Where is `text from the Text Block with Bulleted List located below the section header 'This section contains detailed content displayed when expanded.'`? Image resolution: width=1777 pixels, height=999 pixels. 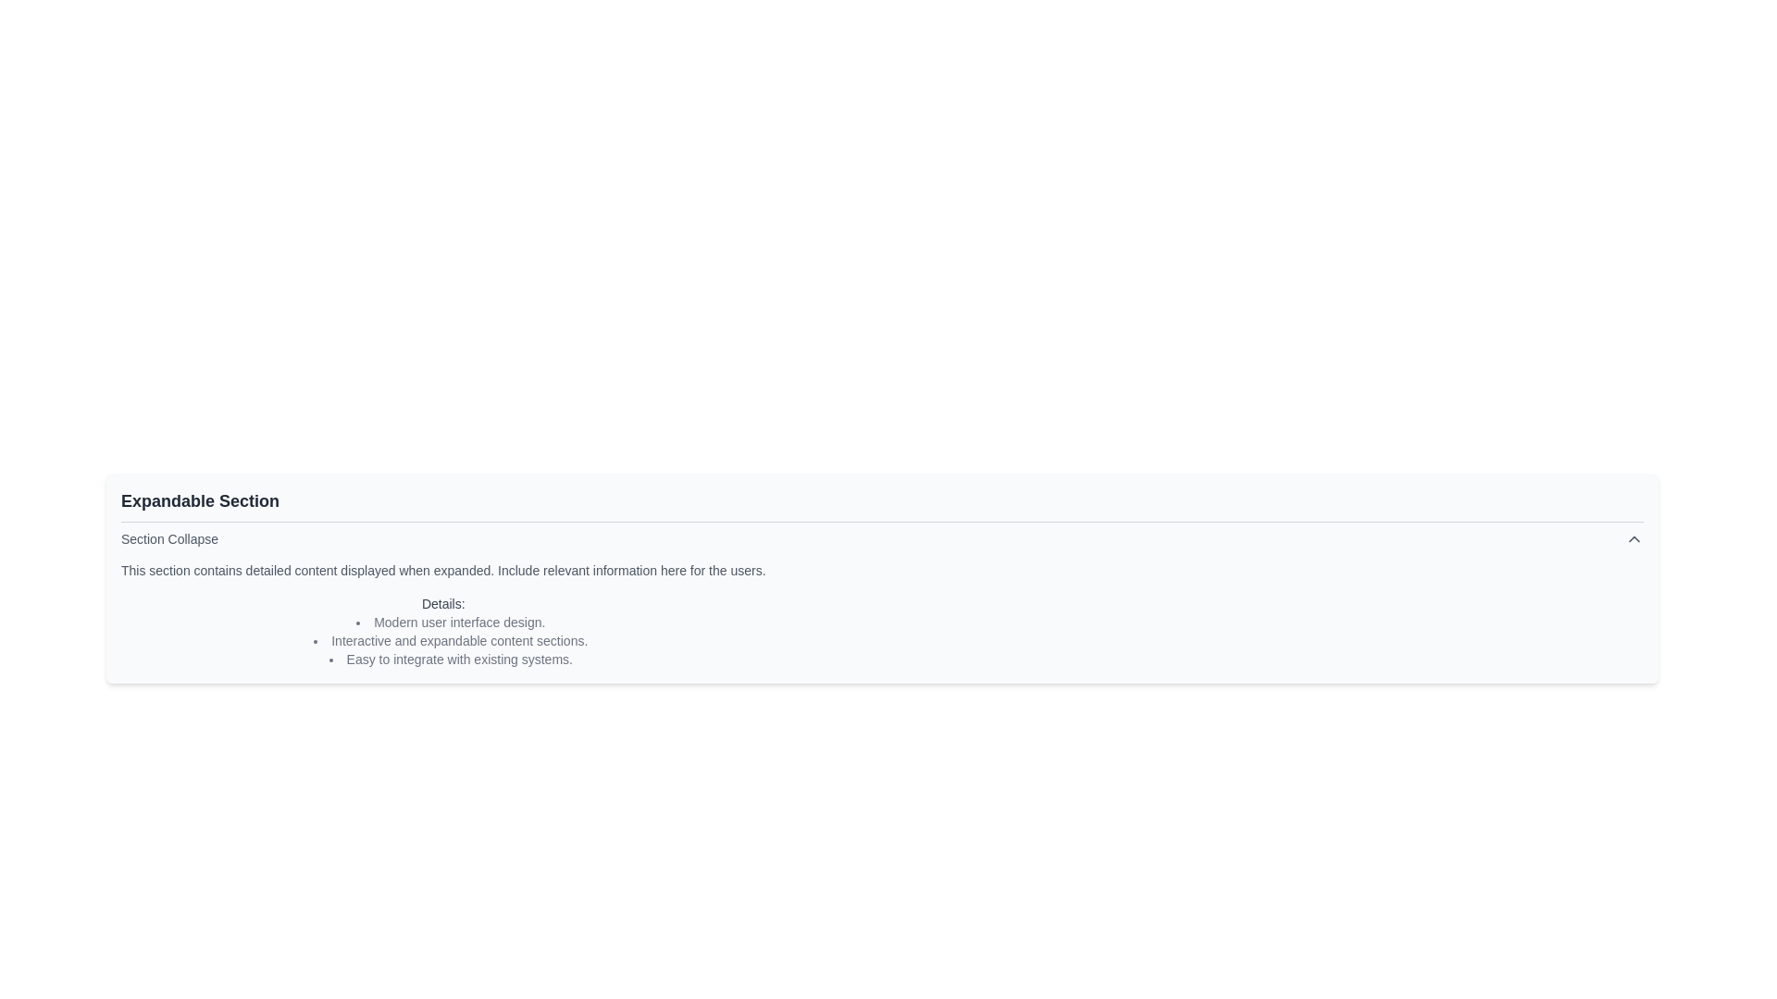 text from the Text Block with Bulleted List located below the section header 'This section contains detailed content displayed when expanded.' is located at coordinates (442, 630).